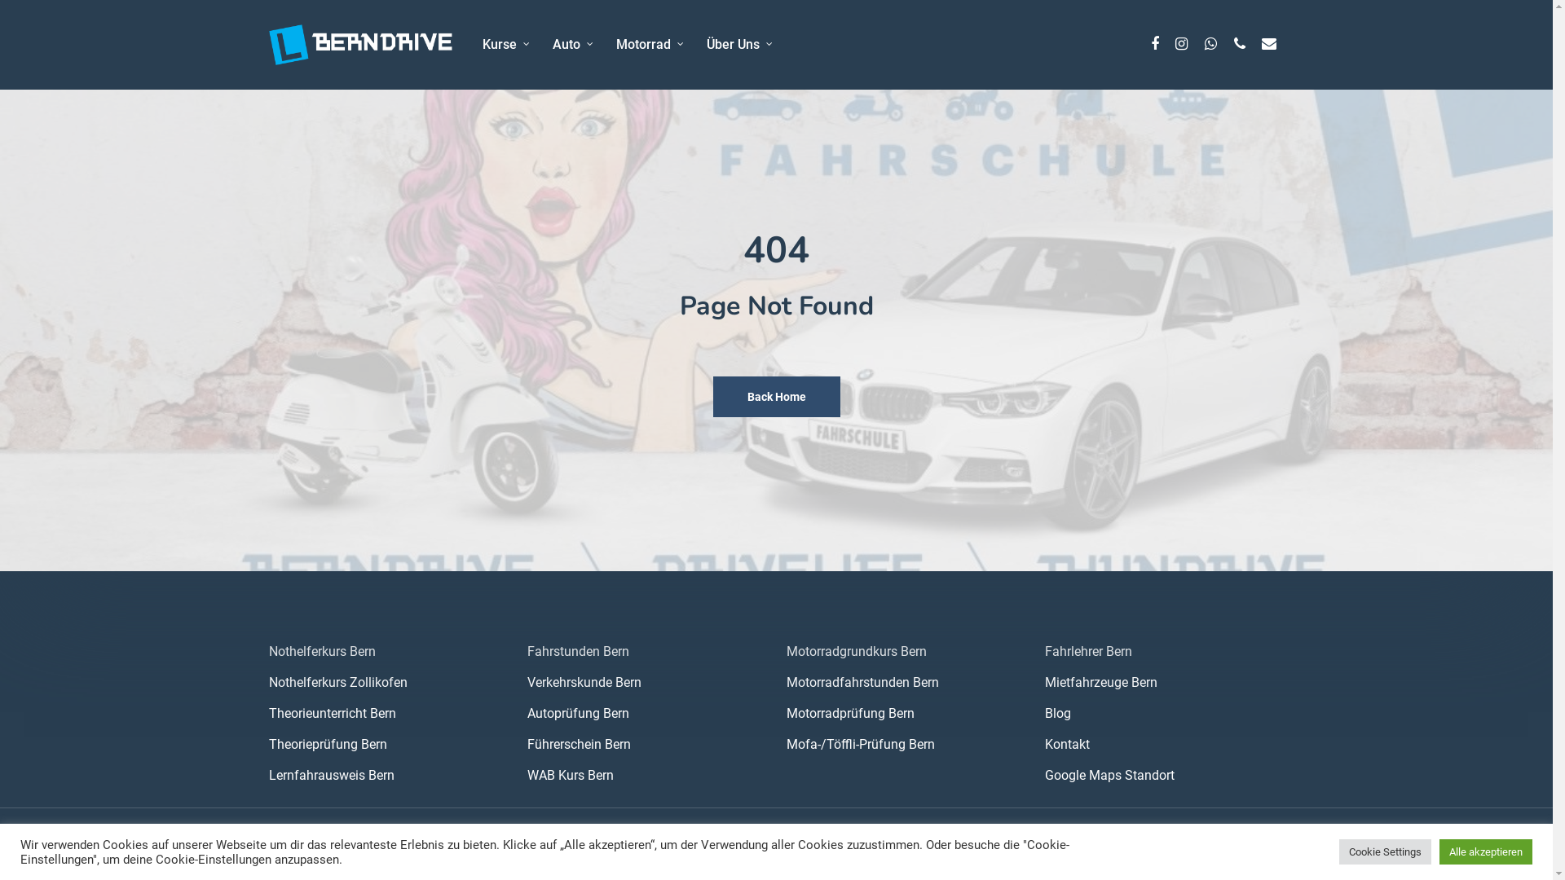 This screenshot has width=1565, height=880. Describe the element at coordinates (387, 712) in the screenshot. I see `'Theorieunterricht Bern'` at that location.